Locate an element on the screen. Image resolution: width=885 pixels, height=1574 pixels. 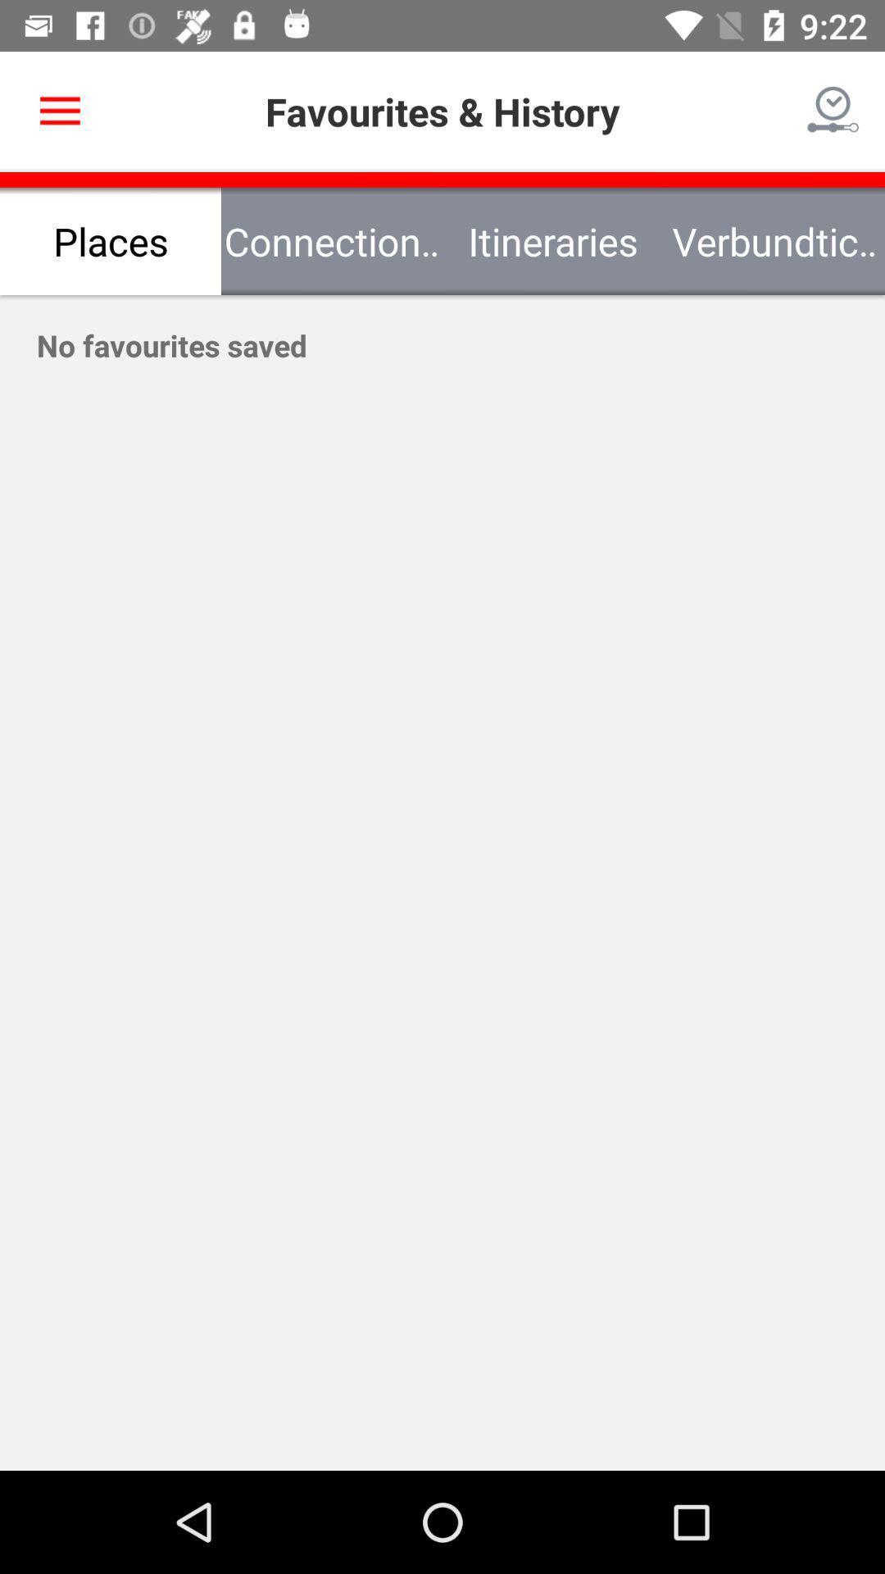
icon to the left of itineraries is located at coordinates (332, 240).